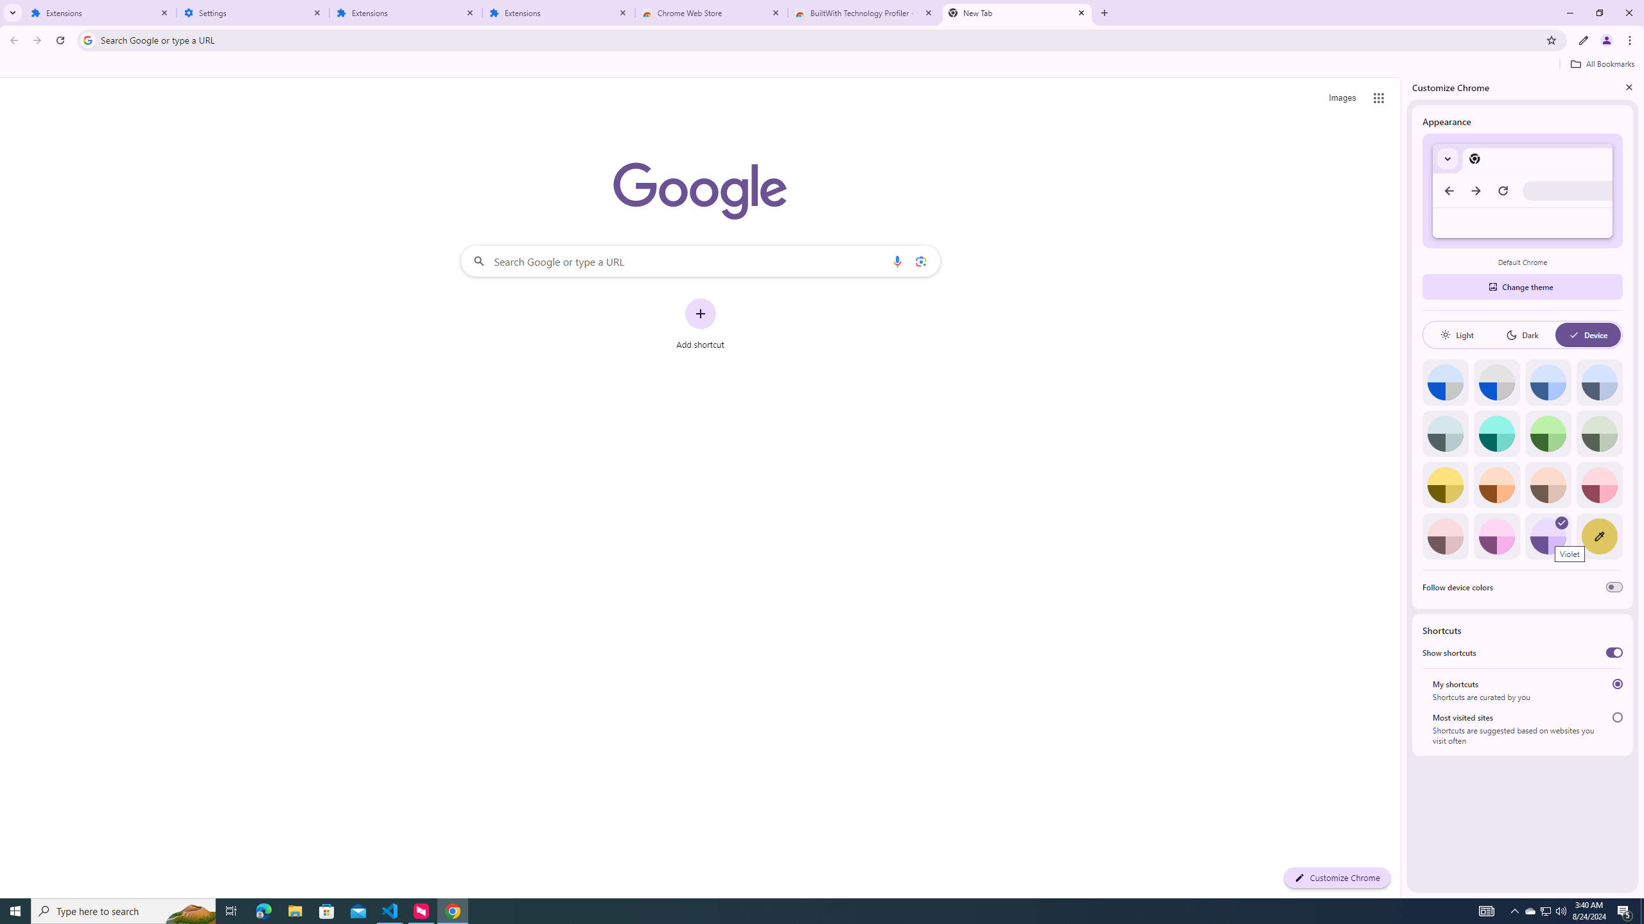 The height and width of the screenshot is (924, 1644). I want to click on 'Fuchsia', so click(1496, 536).